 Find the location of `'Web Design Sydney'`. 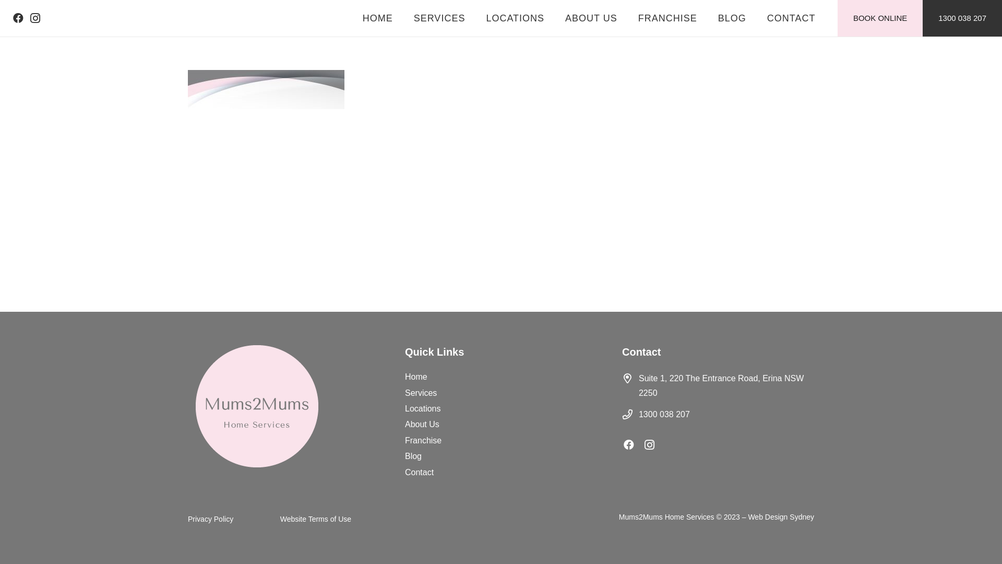

'Web Design Sydney' is located at coordinates (781, 517).